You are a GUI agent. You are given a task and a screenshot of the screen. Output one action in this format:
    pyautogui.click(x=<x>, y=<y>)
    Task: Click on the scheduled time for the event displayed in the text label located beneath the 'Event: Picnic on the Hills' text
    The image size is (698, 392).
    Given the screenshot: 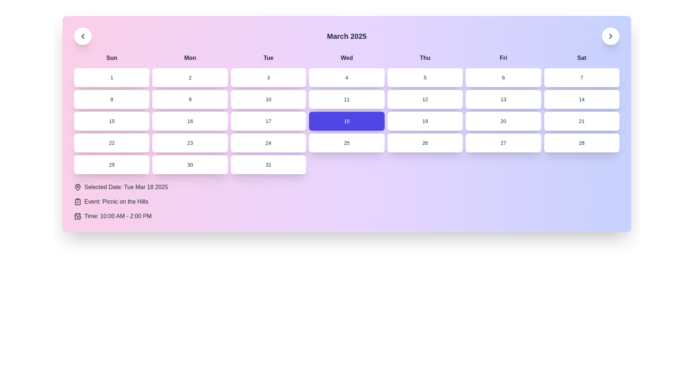 What is the action you would take?
    pyautogui.click(x=118, y=216)
    